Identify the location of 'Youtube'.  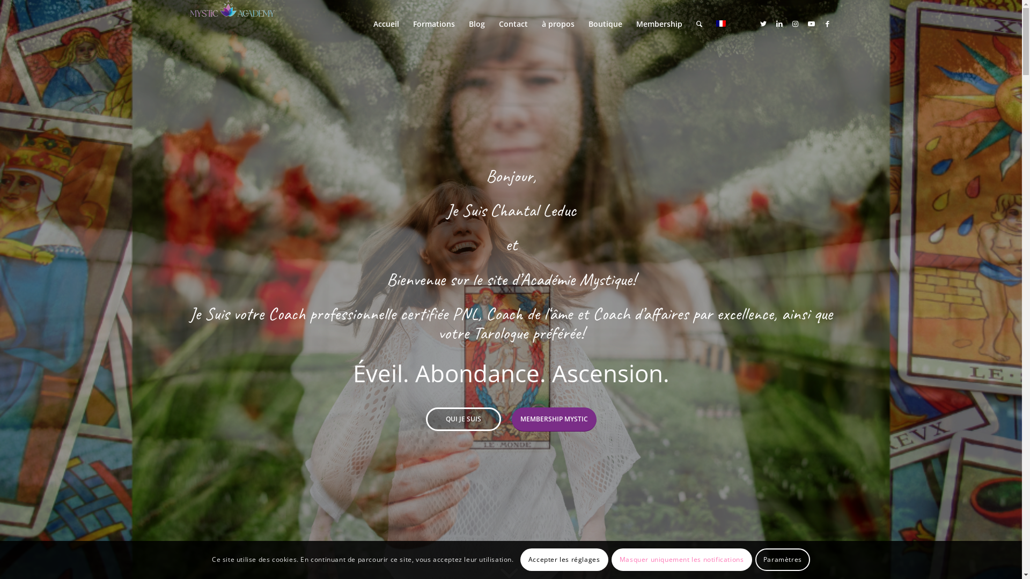
(811, 23).